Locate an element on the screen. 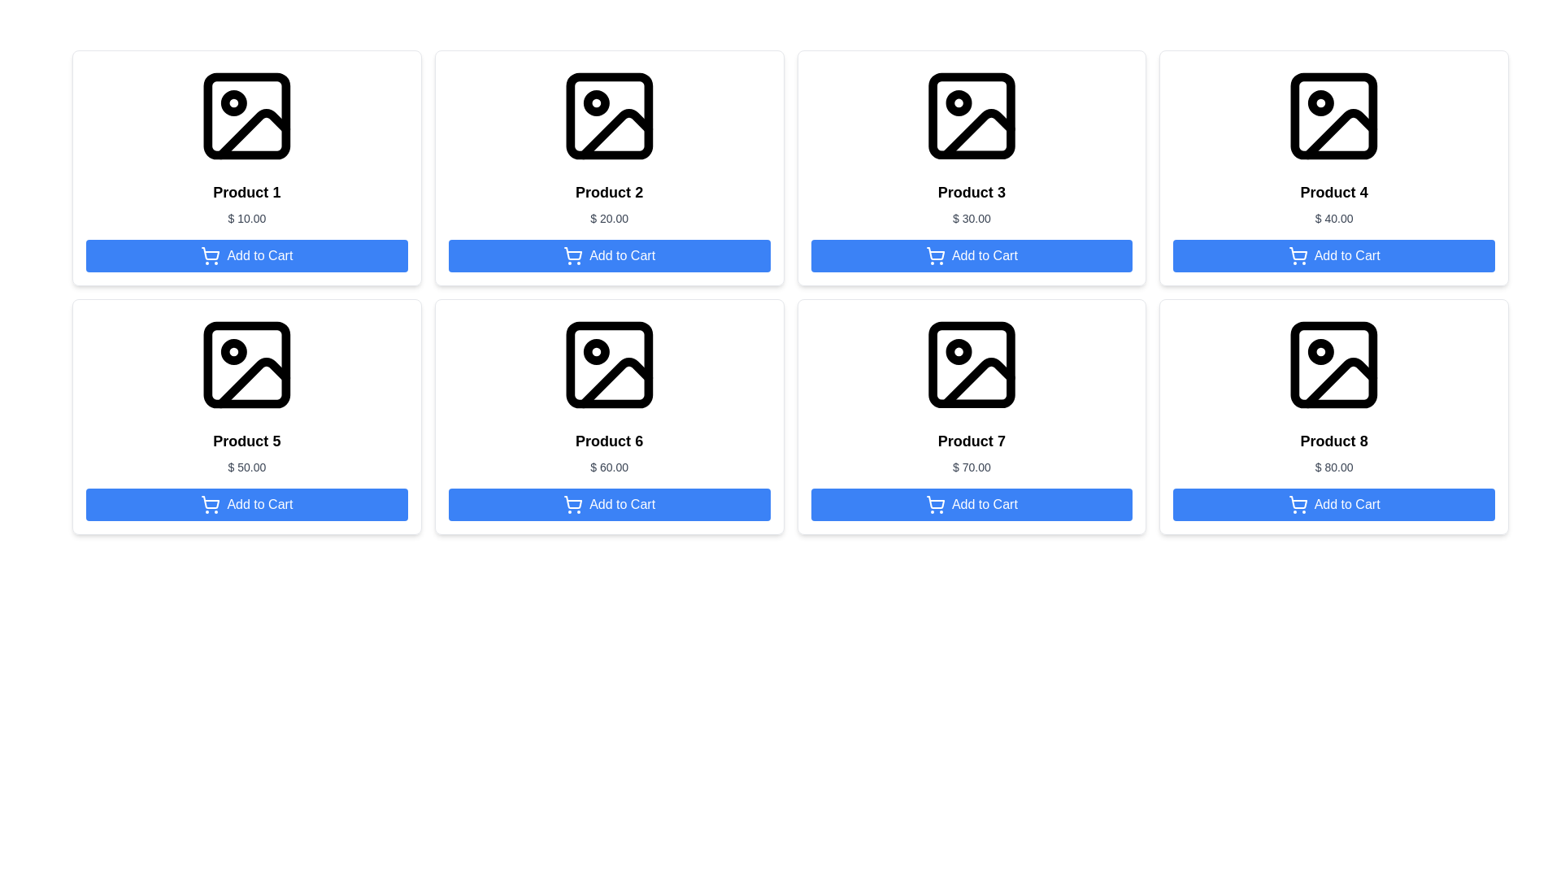 The height and width of the screenshot is (878, 1561). the decorative graphic element located in the upper-left region of the product image for 'Product 3', which is positioned in the top row and third column of the grid layout is located at coordinates (972, 115).